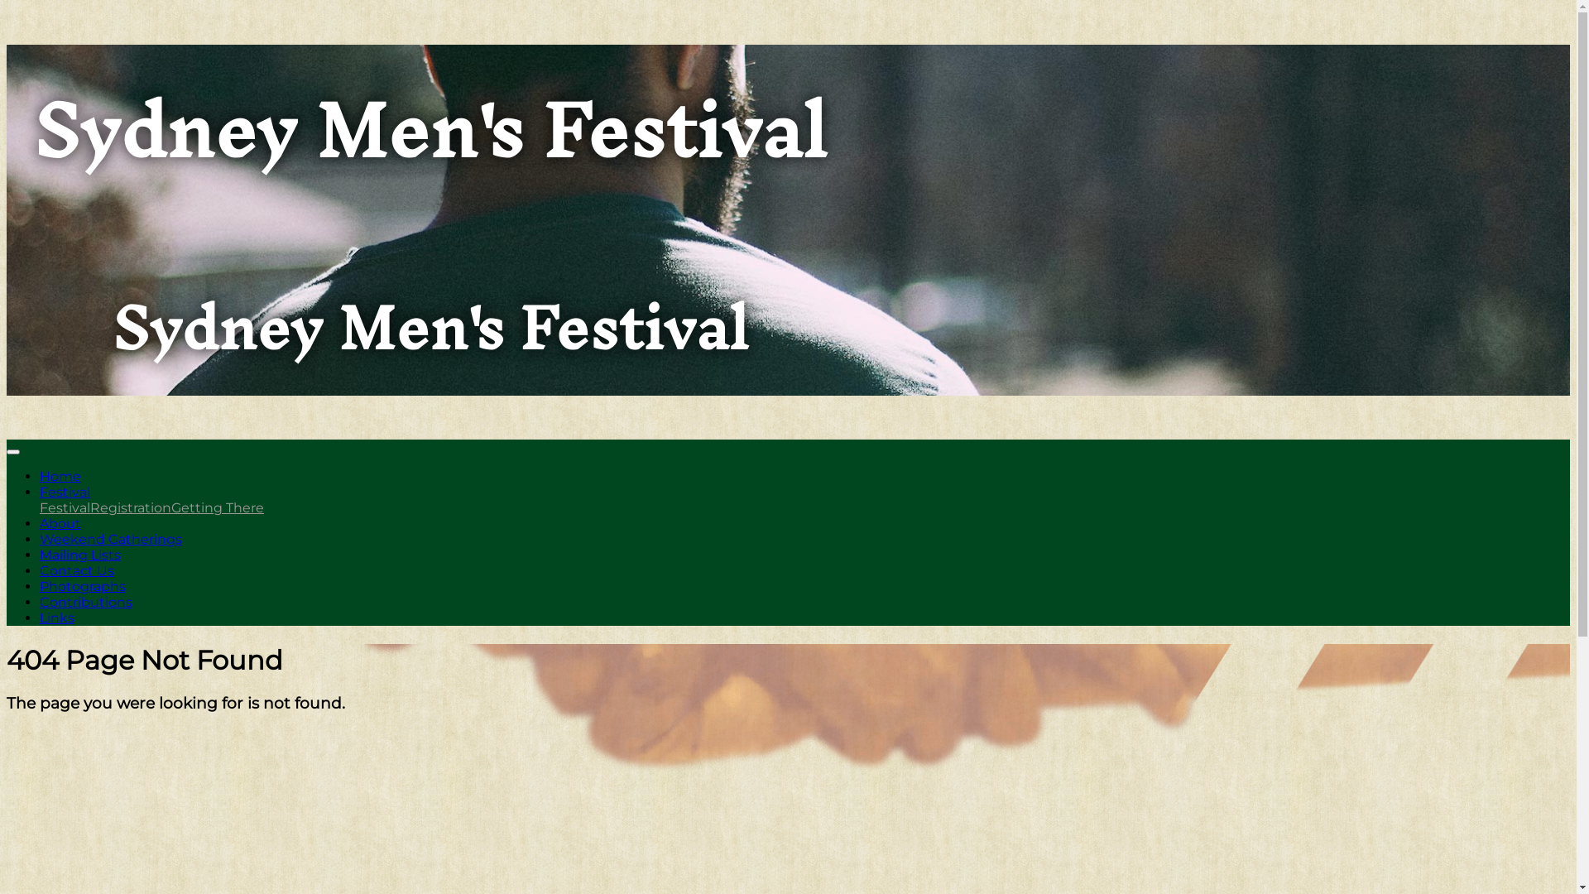  Describe the element at coordinates (40, 570) in the screenshot. I see `'Contact Us'` at that location.